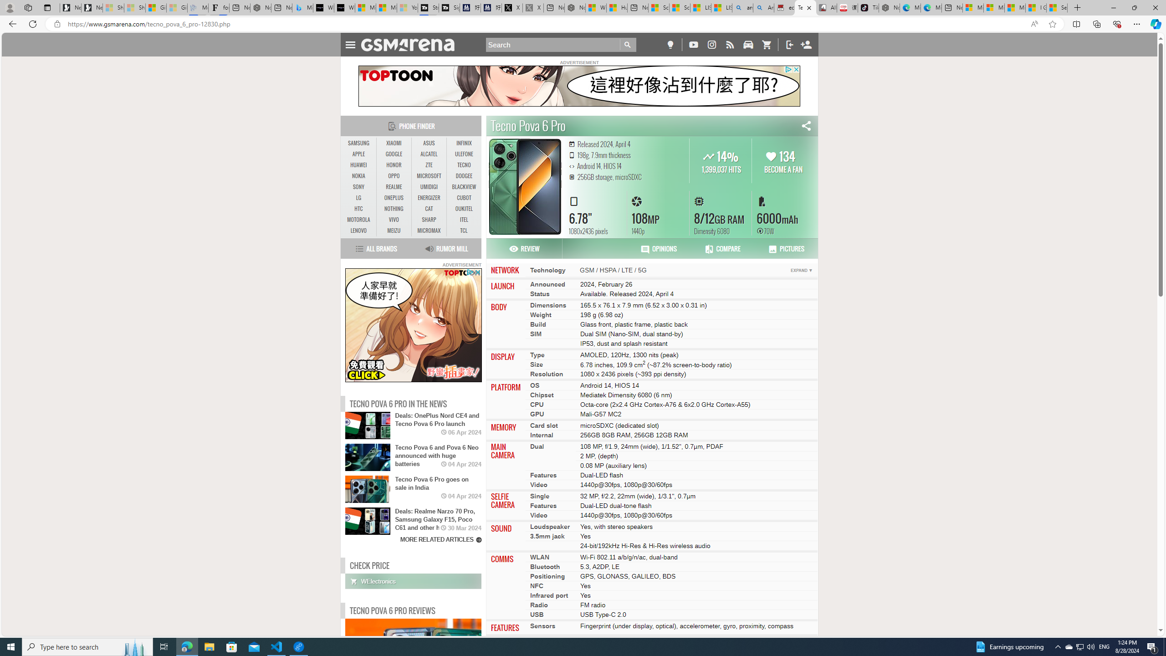  What do you see at coordinates (547, 536) in the screenshot?
I see `'3.5mm jack'` at bounding box center [547, 536].